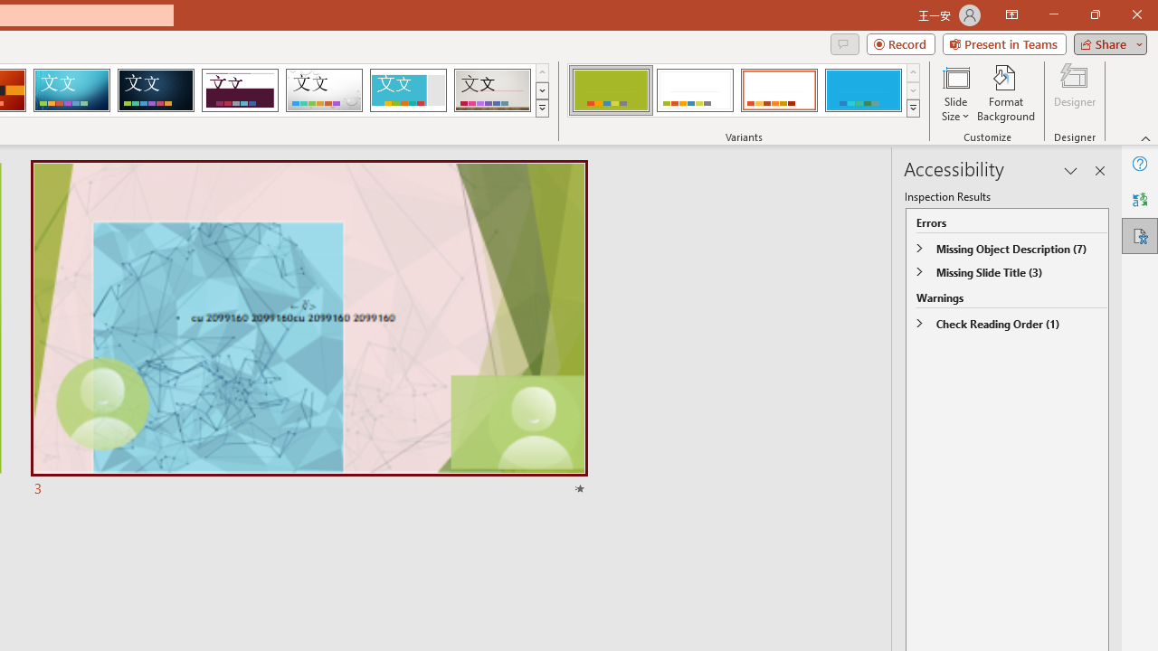 The width and height of the screenshot is (1158, 651). What do you see at coordinates (1005, 93) in the screenshot?
I see `'Format Background'` at bounding box center [1005, 93].